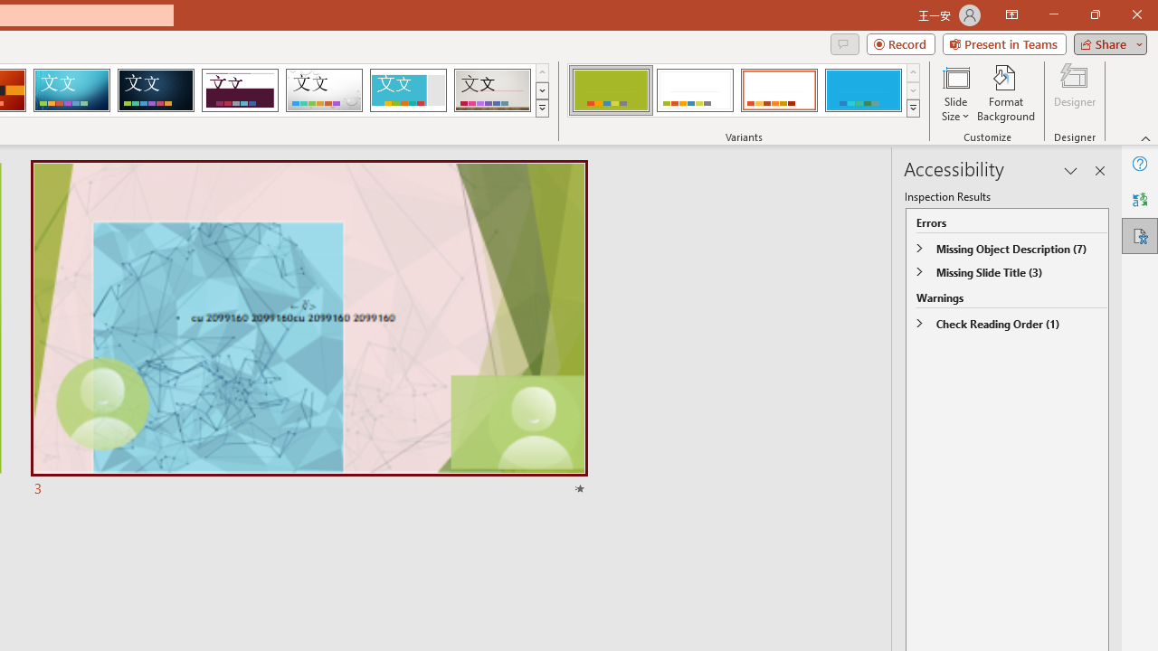 The width and height of the screenshot is (1158, 651). What do you see at coordinates (1005, 93) in the screenshot?
I see `'Format Background'` at bounding box center [1005, 93].